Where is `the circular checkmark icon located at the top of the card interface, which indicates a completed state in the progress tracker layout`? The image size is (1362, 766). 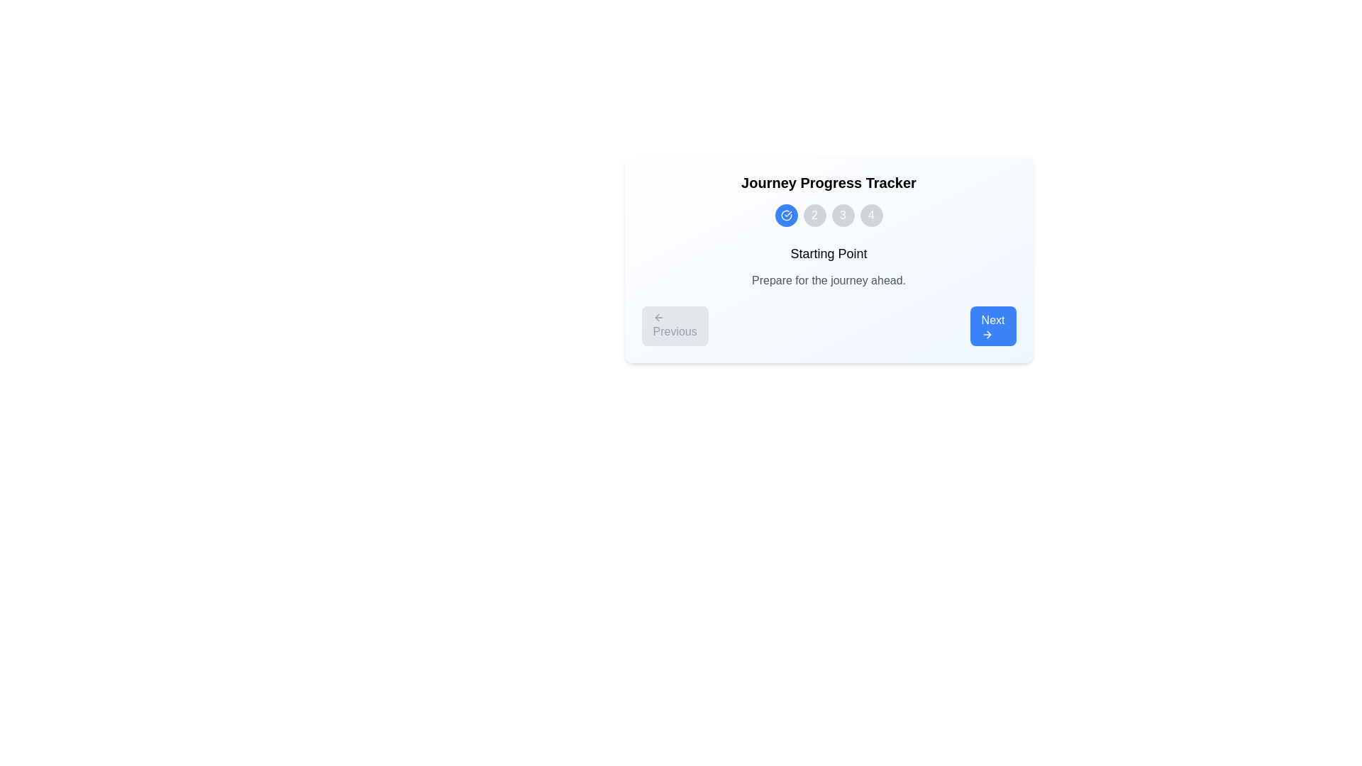
the circular checkmark icon located at the top of the card interface, which indicates a completed state in the progress tracker layout is located at coordinates (785, 216).